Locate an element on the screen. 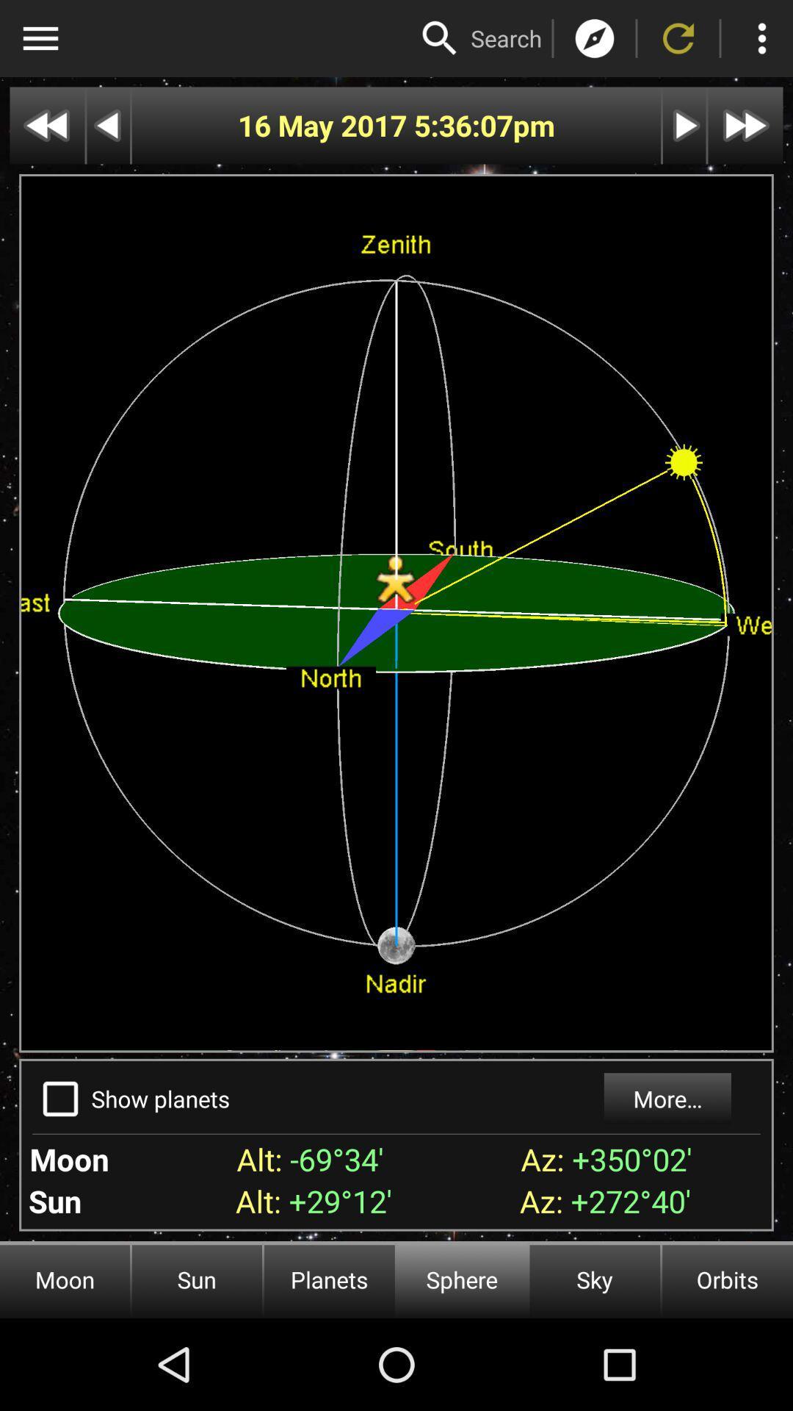  settings is located at coordinates (761, 38).